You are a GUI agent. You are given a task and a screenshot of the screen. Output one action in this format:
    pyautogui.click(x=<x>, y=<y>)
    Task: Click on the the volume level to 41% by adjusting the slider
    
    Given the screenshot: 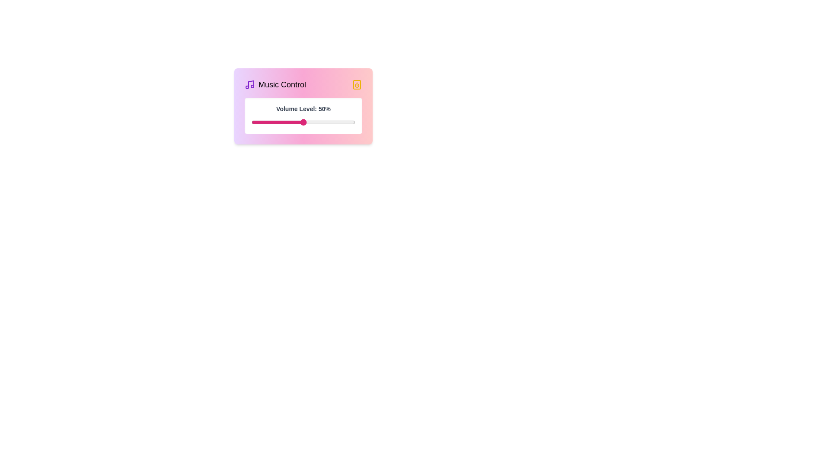 What is the action you would take?
    pyautogui.click(x=294, y=122)
    